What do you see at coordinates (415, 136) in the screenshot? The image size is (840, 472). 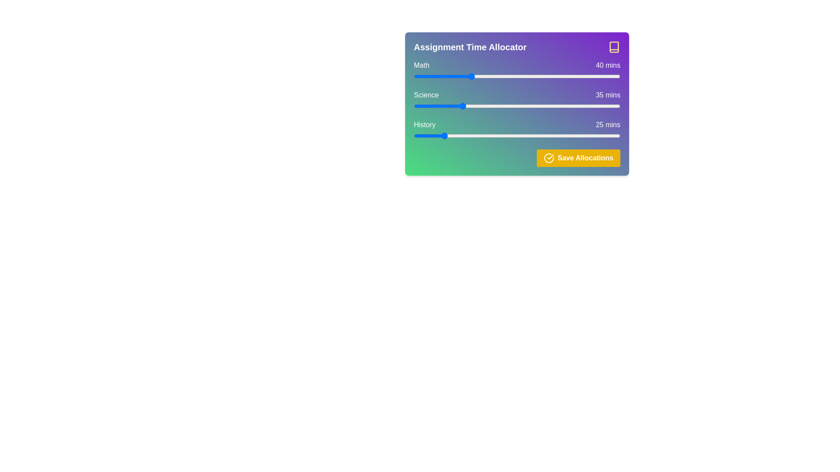 I see `the history allocation time` at bounding box center [415, 136].